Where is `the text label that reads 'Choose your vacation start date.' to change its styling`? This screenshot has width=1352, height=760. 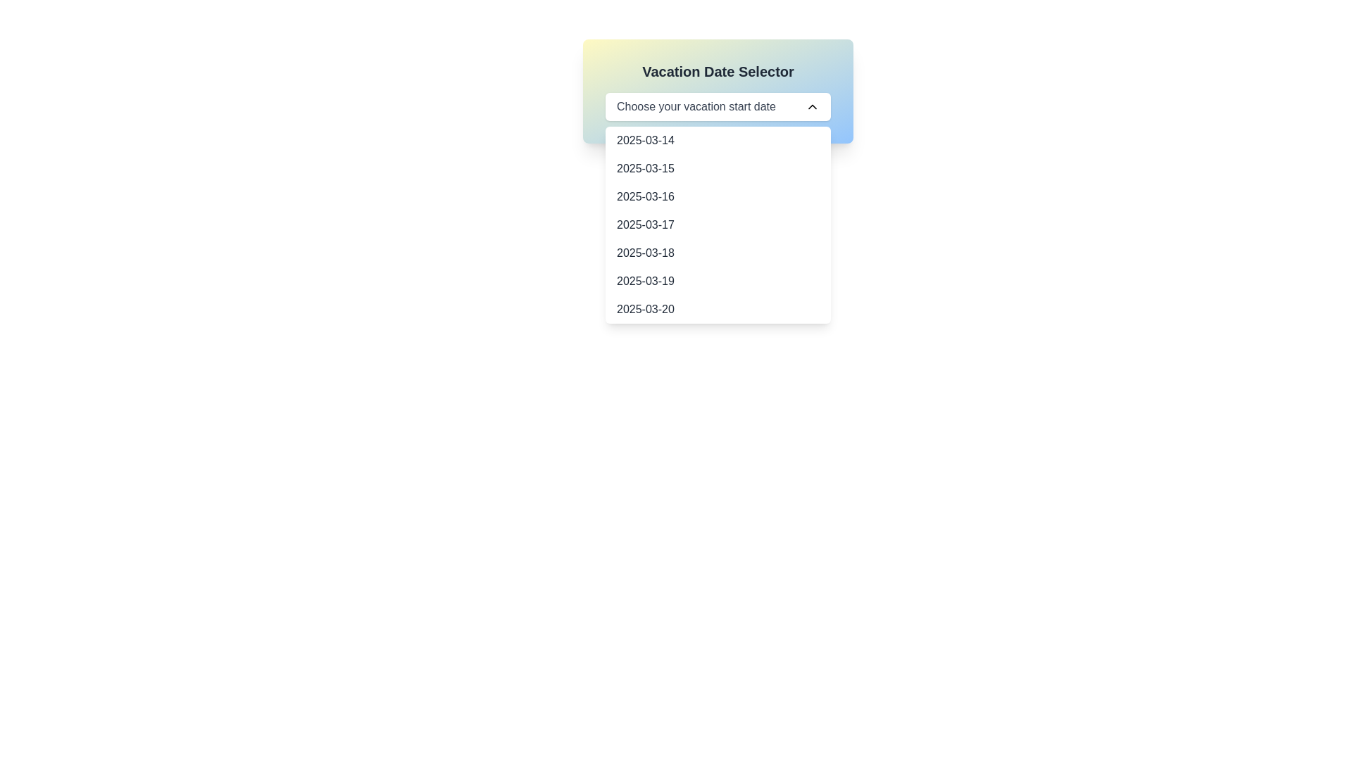 the text label that reads 'Choose your vacation start date.' to change its styling is located at coordinates (696, 106).